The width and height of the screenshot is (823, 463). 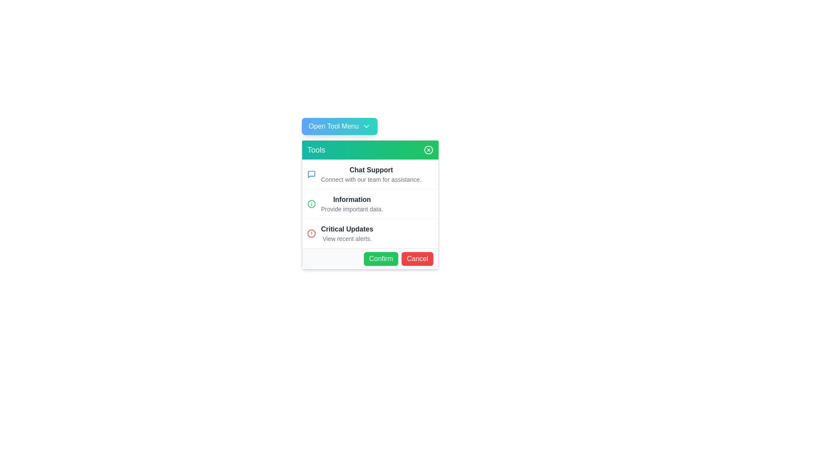 I want to click on the 'Tools' text label element, which is displayed in bold on a green background gradient, serving as a section heading, so click(x=316, y=150).